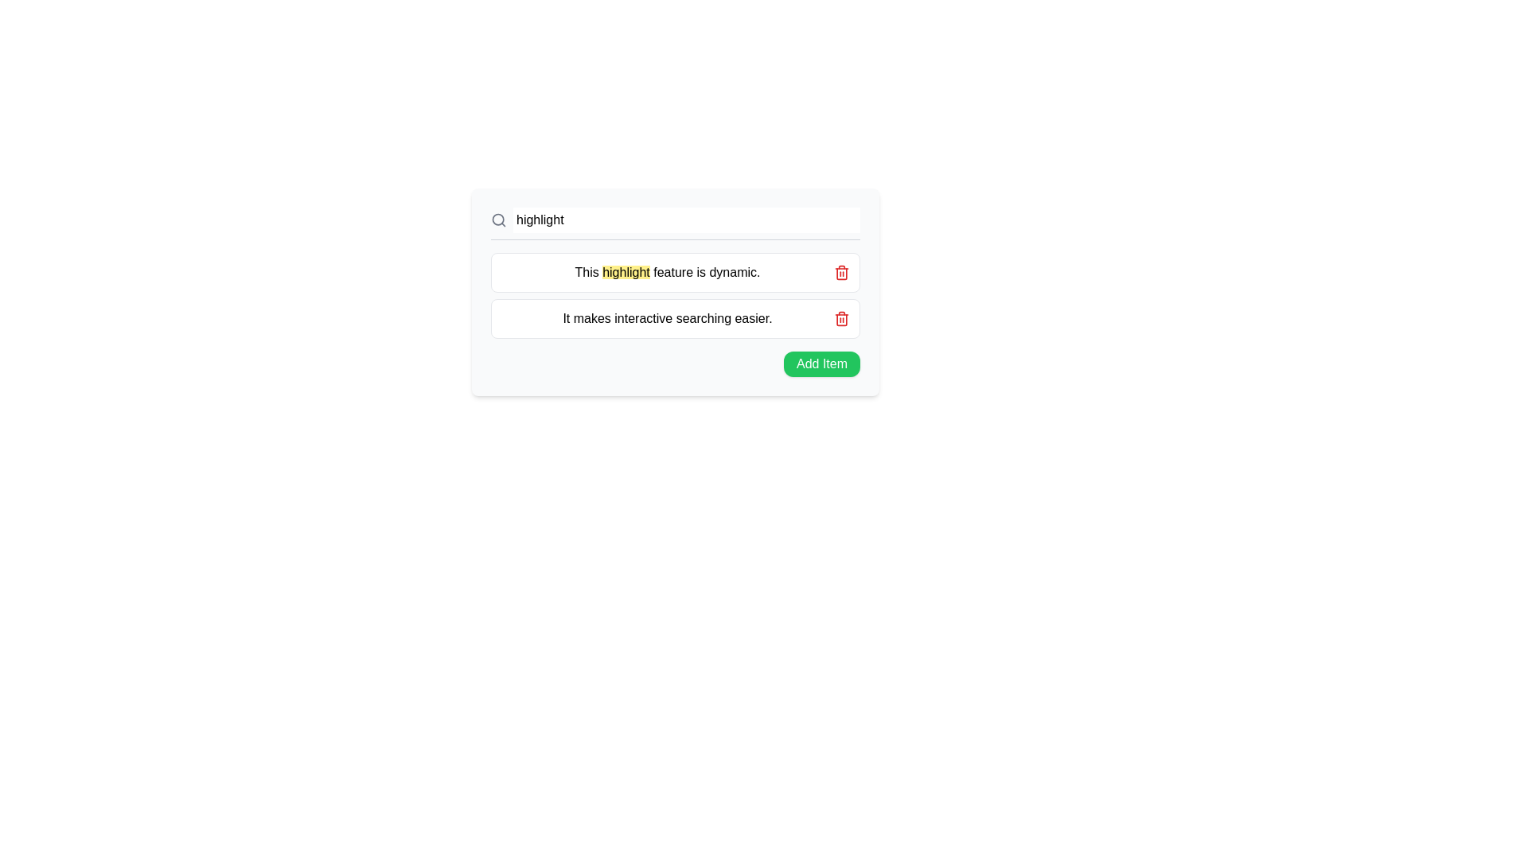 The height and width of the screenshot is (859, 1528). What do you see at coordinates (626, 271) in the screenshot?
I see `the word 'highlight' which is styled with a yellow background in the sentence 'This highlight feature is dynamic.'` at bounding box center [626, 271].